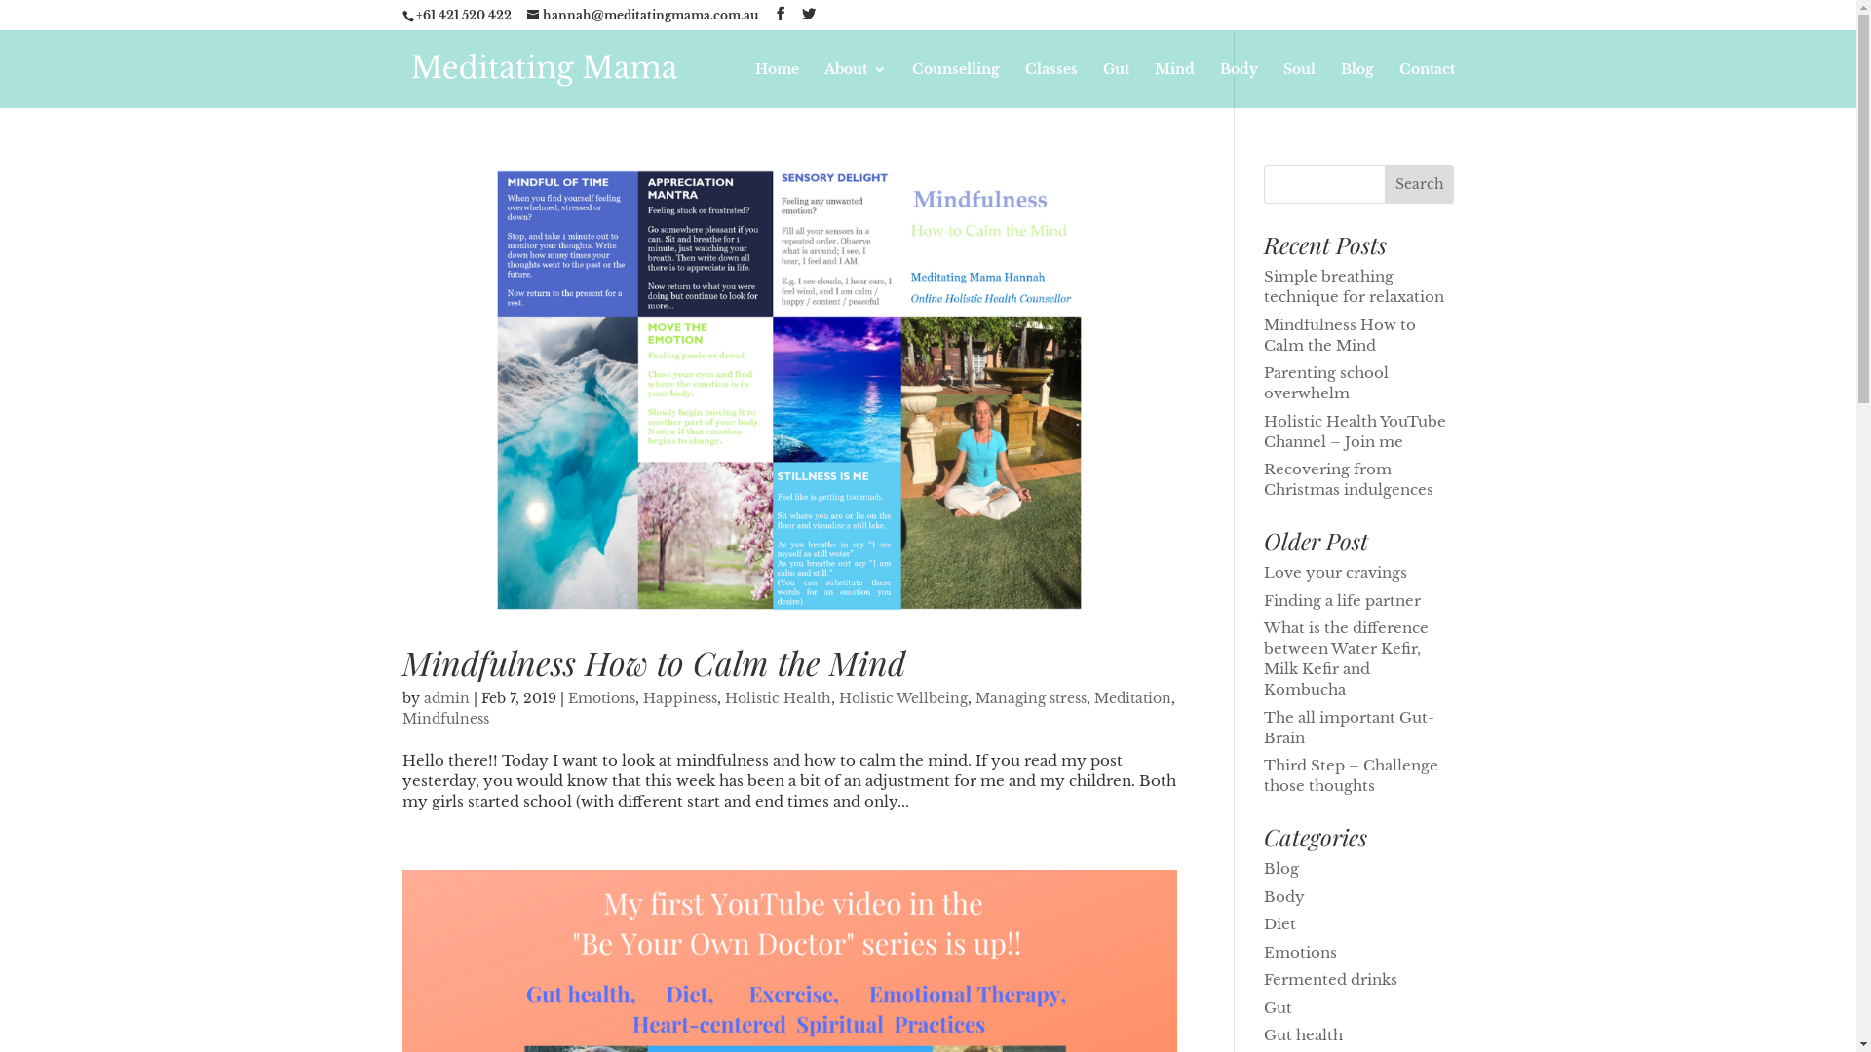 Image resolution: width=1871 pixels, height=1052 pixels. I want to click on 'Parenting school overwhelm', so click(1325, 383).